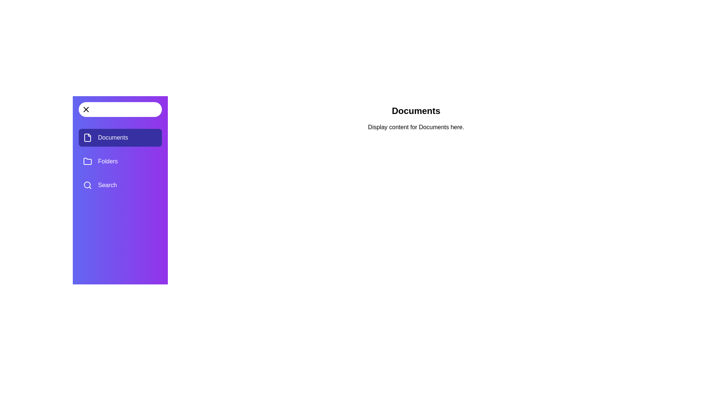 This screenshot has width=713, height=401. I want to click on the toggle button in the drawer header to toggle the drawer visibility, so click(120, 109).